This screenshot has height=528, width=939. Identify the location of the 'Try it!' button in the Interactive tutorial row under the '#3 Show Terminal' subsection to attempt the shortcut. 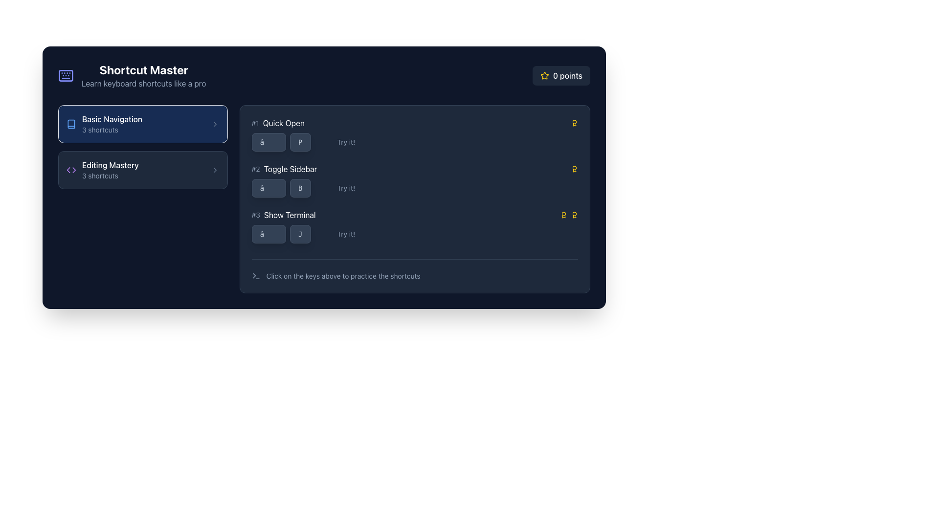
(415, 234).